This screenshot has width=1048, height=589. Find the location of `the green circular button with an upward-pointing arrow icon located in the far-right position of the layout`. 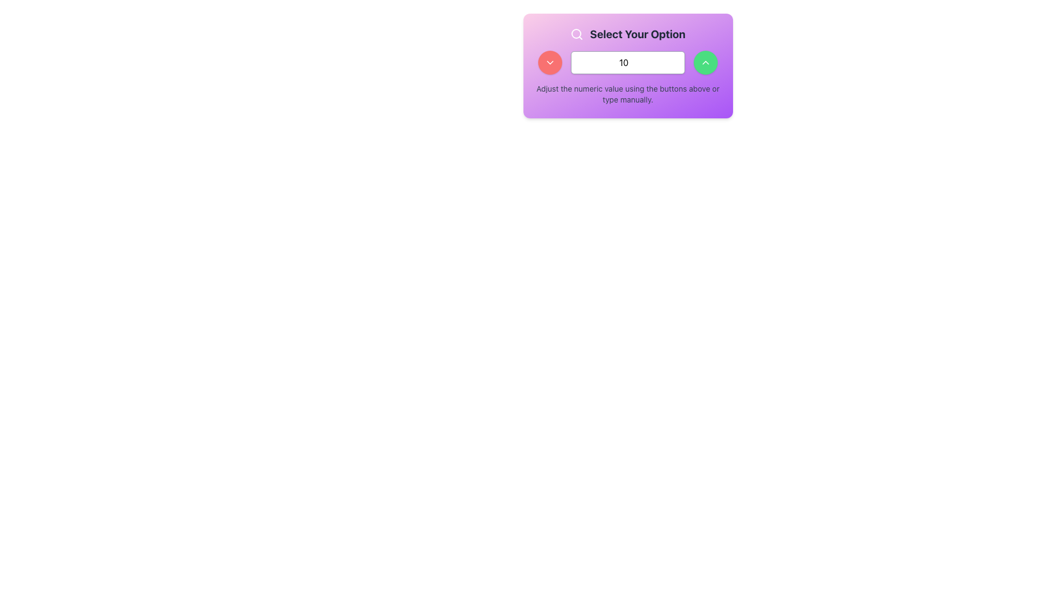

the green circular button with an upward-pointing arrow icon located in the far-right position of the layout is located at coordinates (705, 63).